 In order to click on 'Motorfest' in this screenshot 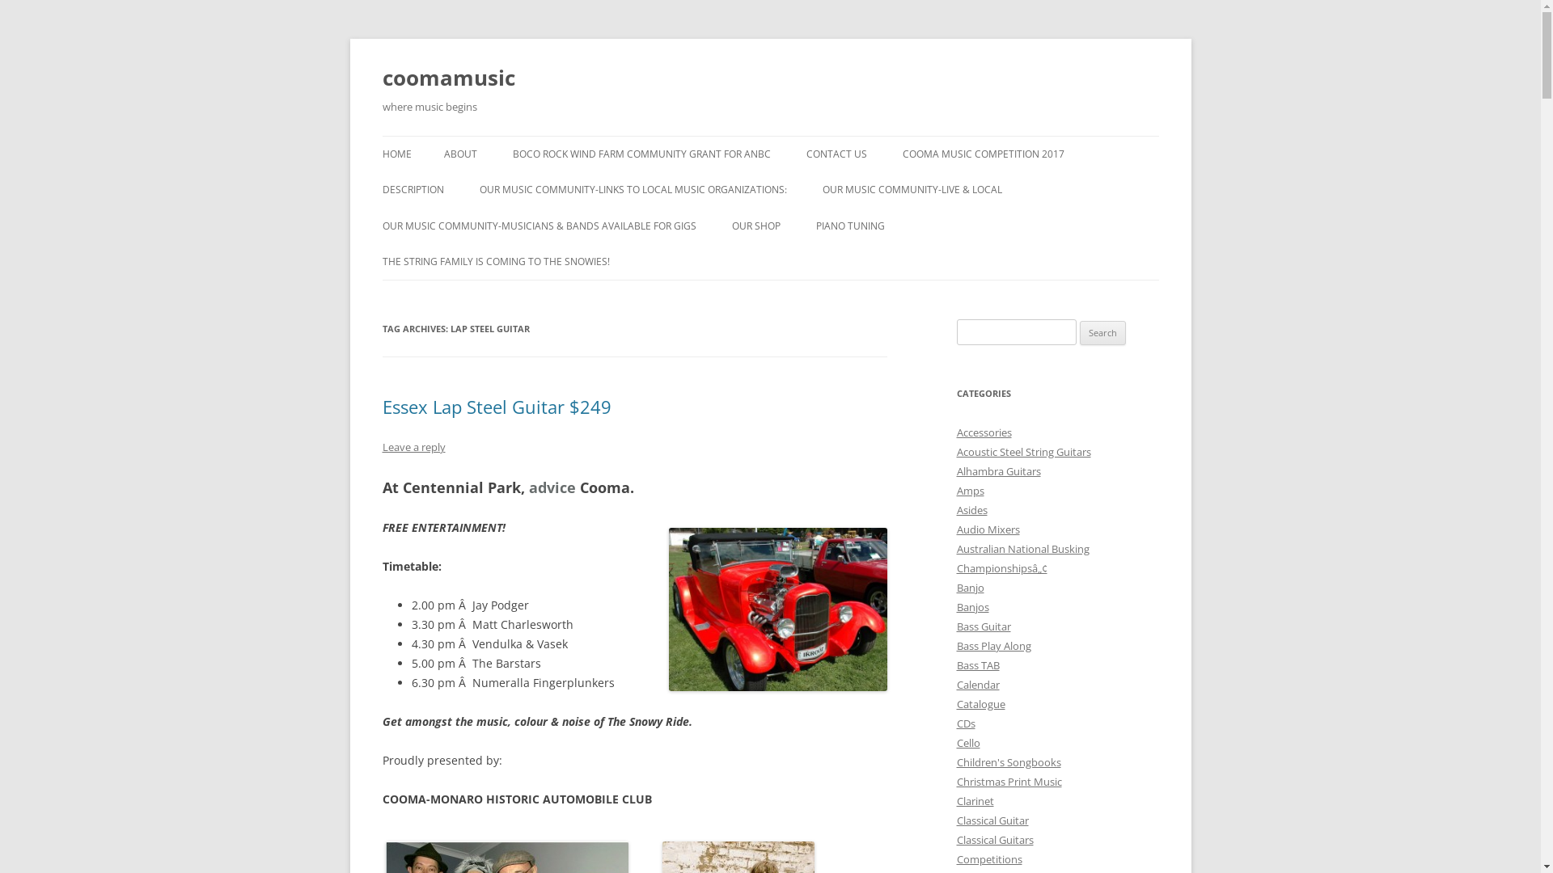, I will do `click(777, 609)`.